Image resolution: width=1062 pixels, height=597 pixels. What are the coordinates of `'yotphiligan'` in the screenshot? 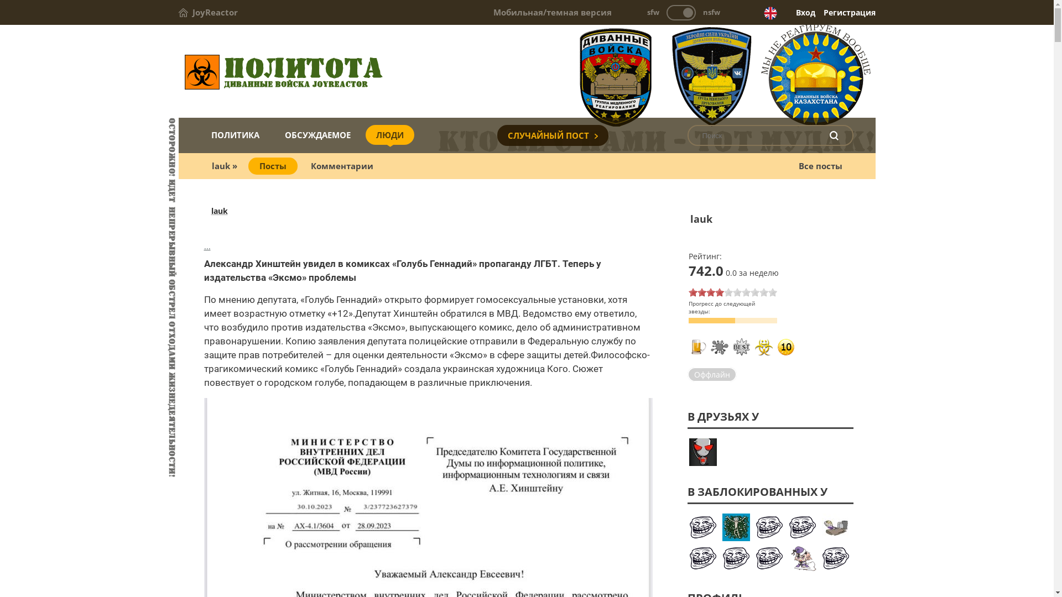 It's located at (755, 558).